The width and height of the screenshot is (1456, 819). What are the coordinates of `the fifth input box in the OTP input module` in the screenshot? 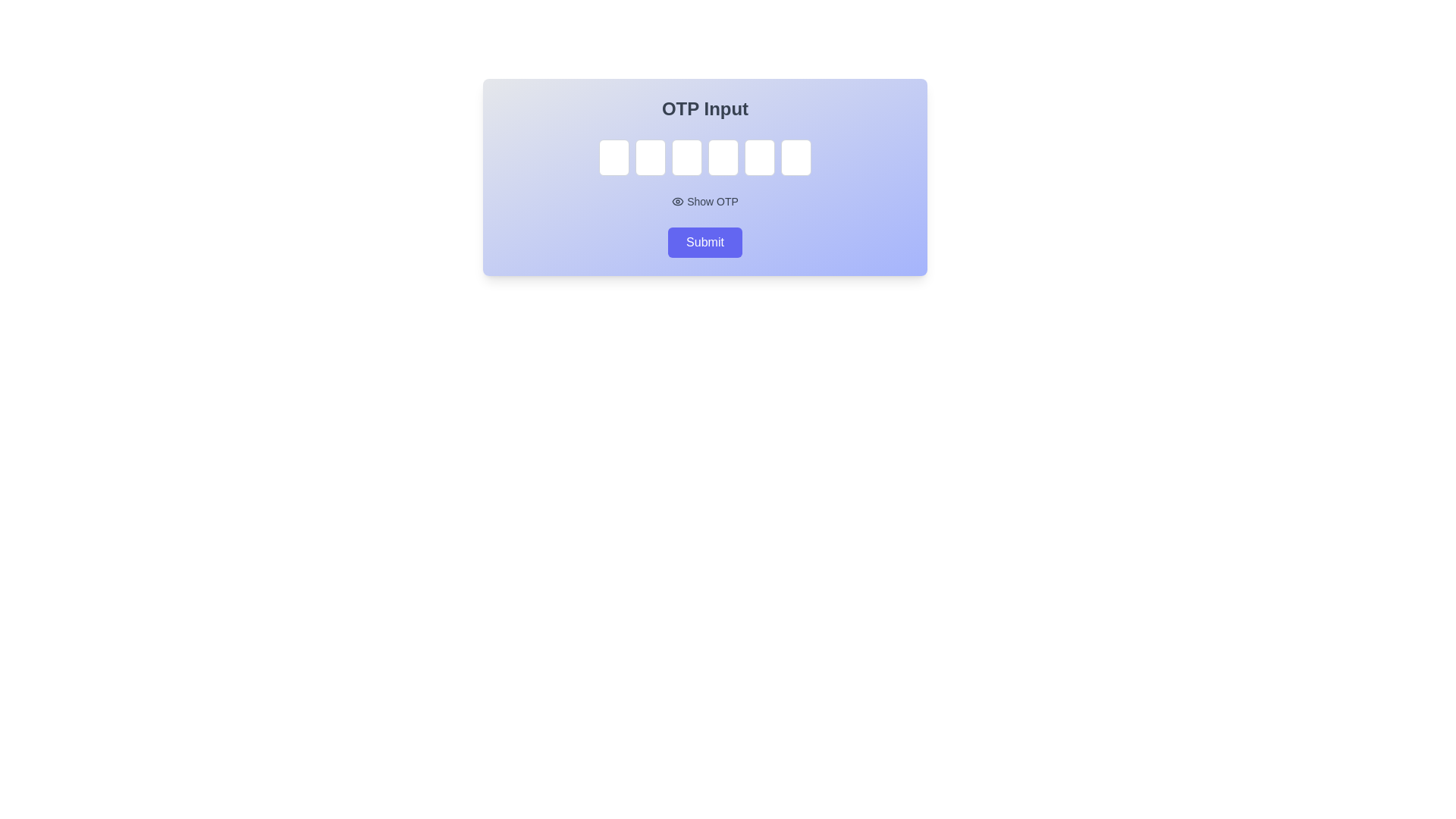 It's located at (760, 158).